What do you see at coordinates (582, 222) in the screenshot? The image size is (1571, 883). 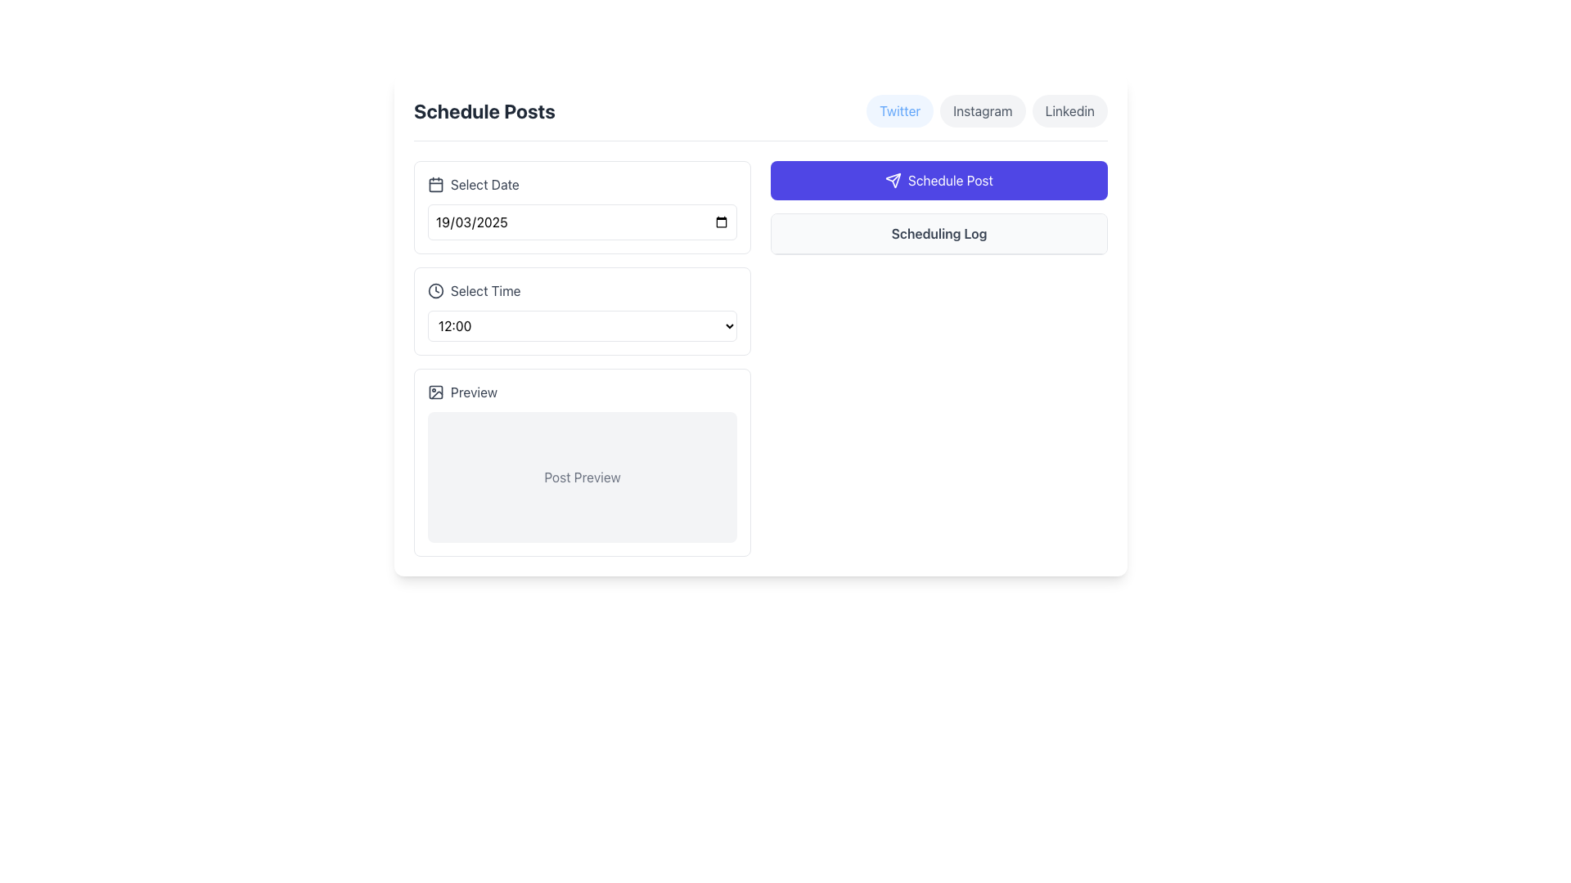 I see `the date input field located under the 'Select Date' section, which currently displays '19/03/2025'` at bounding box center [582, 222].